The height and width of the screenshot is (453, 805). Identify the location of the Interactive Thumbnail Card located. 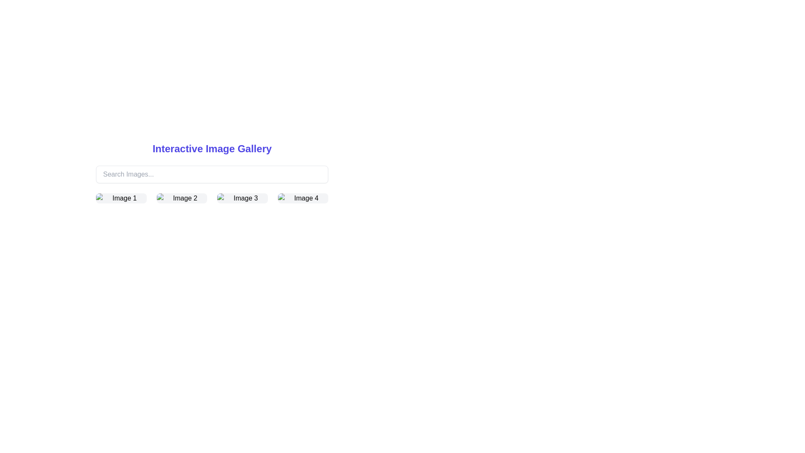
(121, 198).